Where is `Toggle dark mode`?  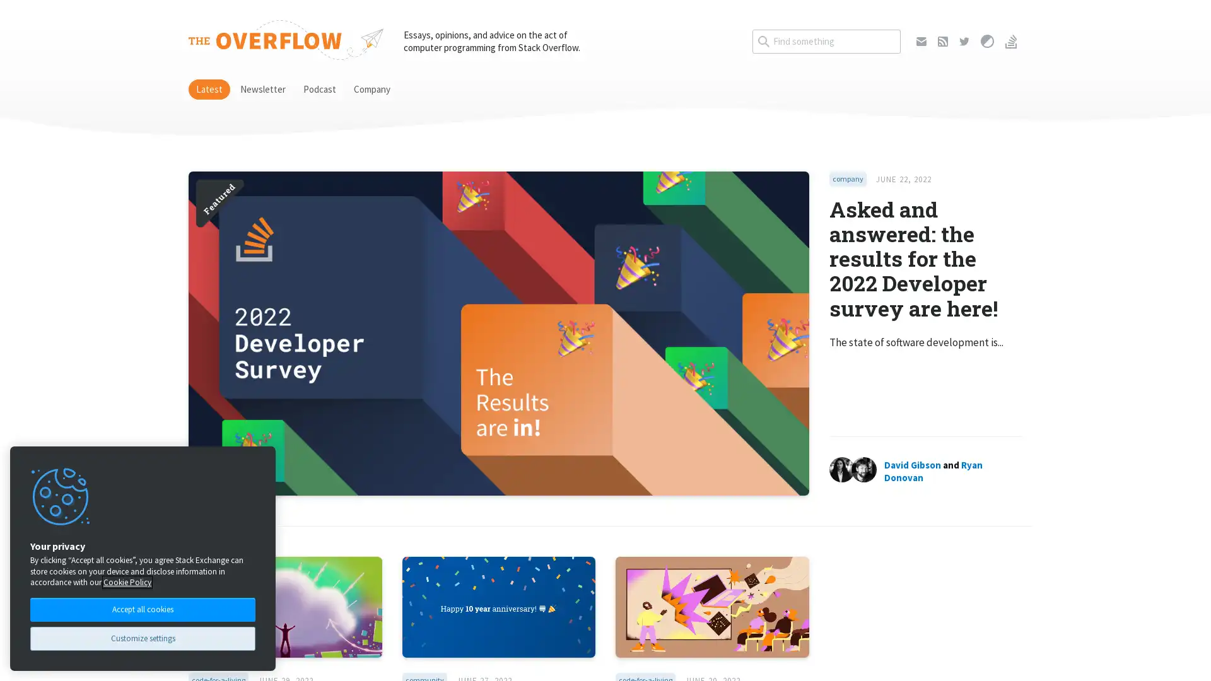 Toggle dark mode is located at coordinates (986, 40).